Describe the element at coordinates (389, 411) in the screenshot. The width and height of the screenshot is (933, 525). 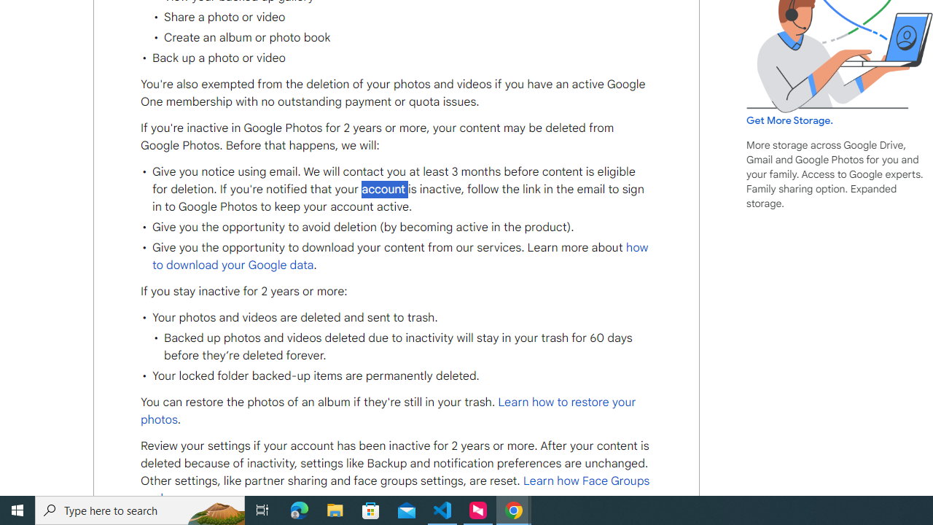
I see `'Learn how to restore your photos'` at that location.